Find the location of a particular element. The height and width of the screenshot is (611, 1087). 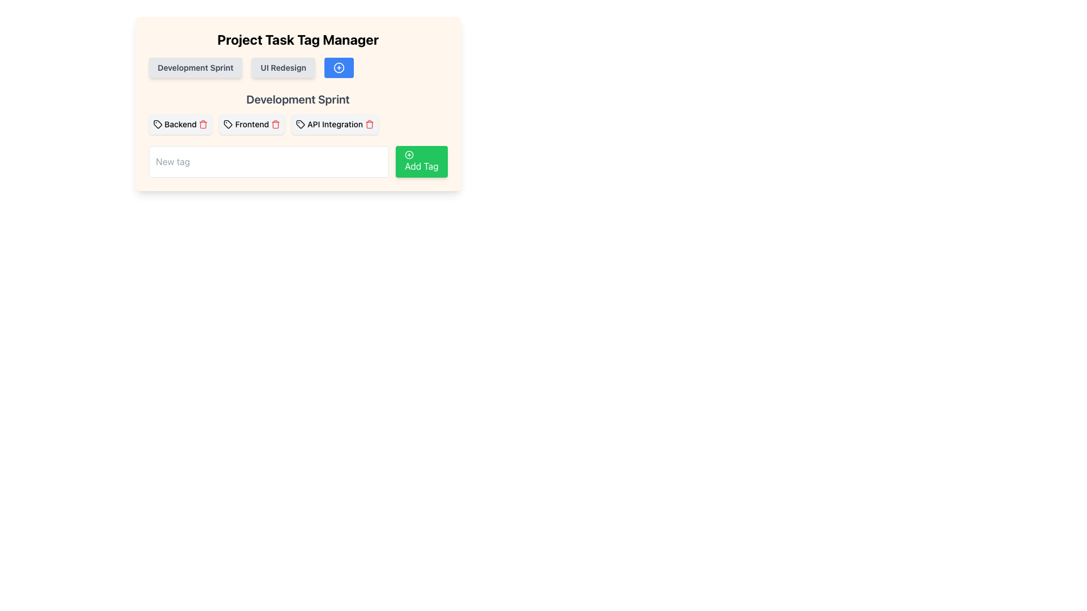

the delete button of the tag element in the 'Development Sprint' section for visual feedback is located at coordinates (298, 124).